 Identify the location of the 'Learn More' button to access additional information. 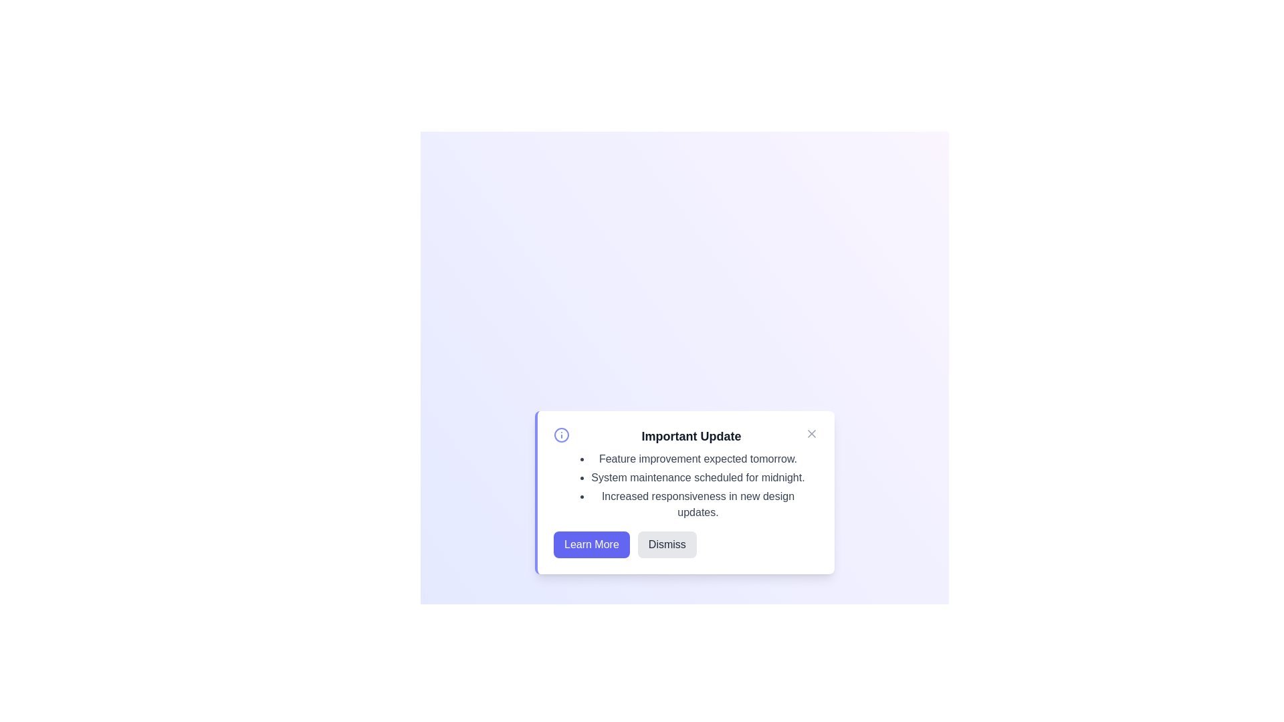
(591, 544).